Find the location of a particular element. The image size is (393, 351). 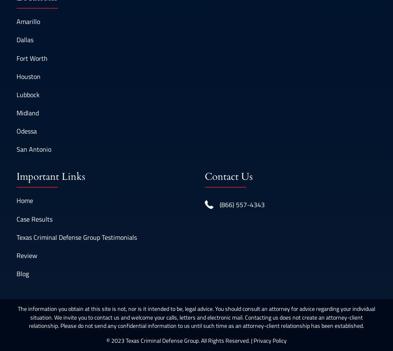

'The information you obtain at this site is not, nor is it intended to be, legal advice. You should consult an attorney for advice regarding your individual situation. We invite you to contact us and welcome your calls, letters and electronic mail. Contacting us does not create an attorney-client relationship. Please do not send any confidential information to us until such time as an attorney-client relationship has been established.' is located at coordinates (196, 316).